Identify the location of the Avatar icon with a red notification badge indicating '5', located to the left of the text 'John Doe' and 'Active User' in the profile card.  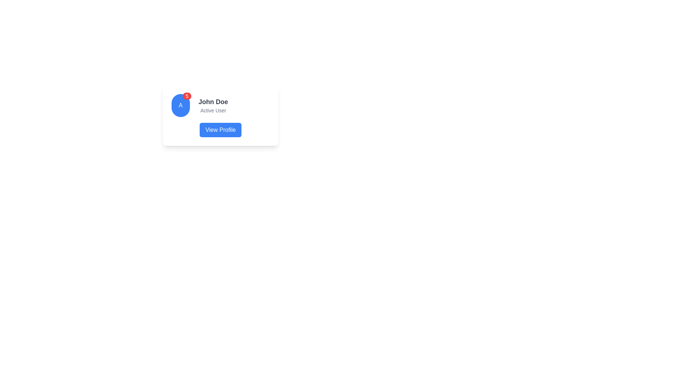
(181, 106).